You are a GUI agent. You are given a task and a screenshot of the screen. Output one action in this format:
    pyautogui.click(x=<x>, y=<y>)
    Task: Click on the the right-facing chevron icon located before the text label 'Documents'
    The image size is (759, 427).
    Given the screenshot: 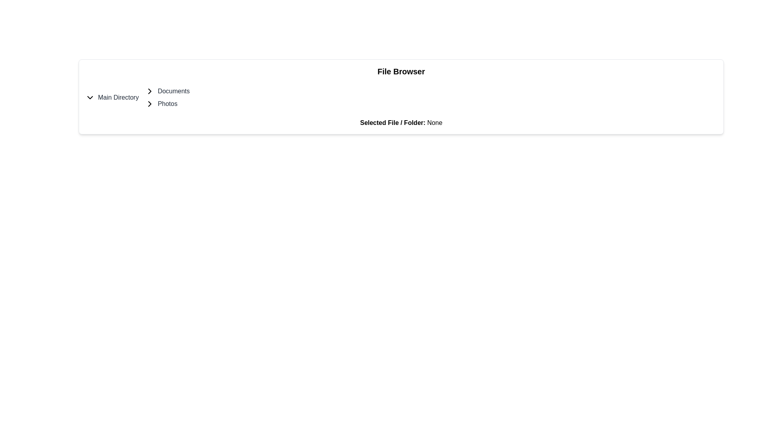 What is the action you would take?
    pyautogui.click(x=150, y=91)
    